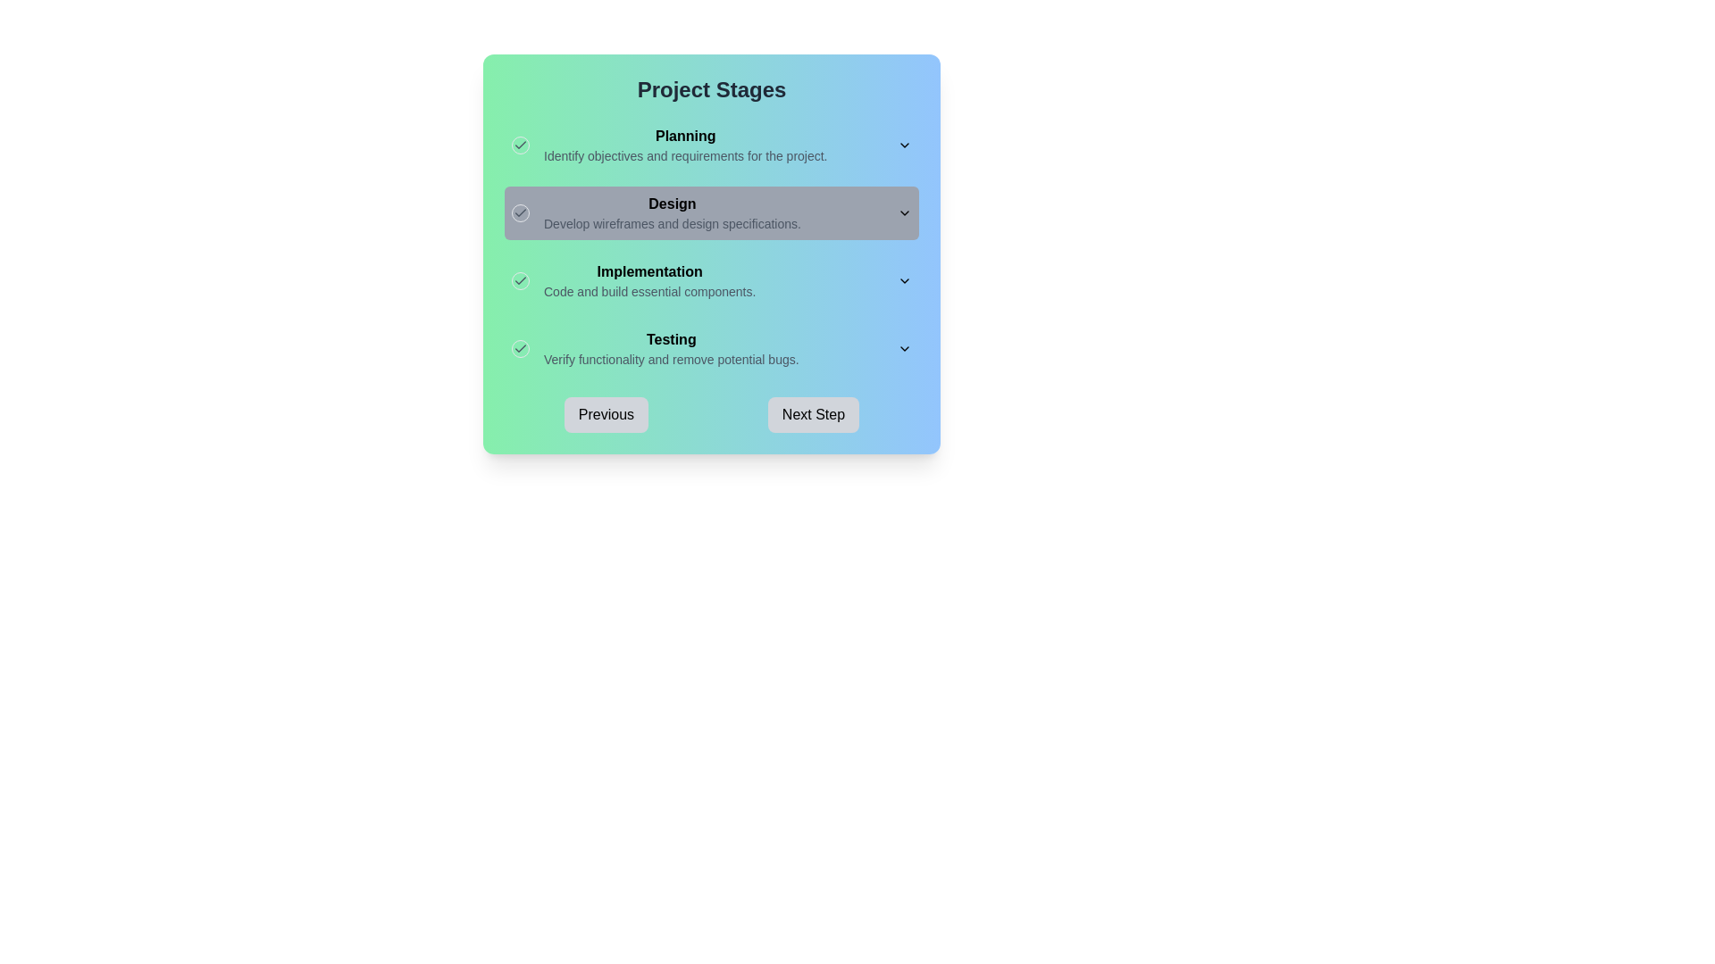 The height and width of the screenshot is (964, 1715). I want to click on the chevron icon that toggles the expanded or collapsed state of the 'Implementation' section, located at the right end of the section's header, so click(904, 281).